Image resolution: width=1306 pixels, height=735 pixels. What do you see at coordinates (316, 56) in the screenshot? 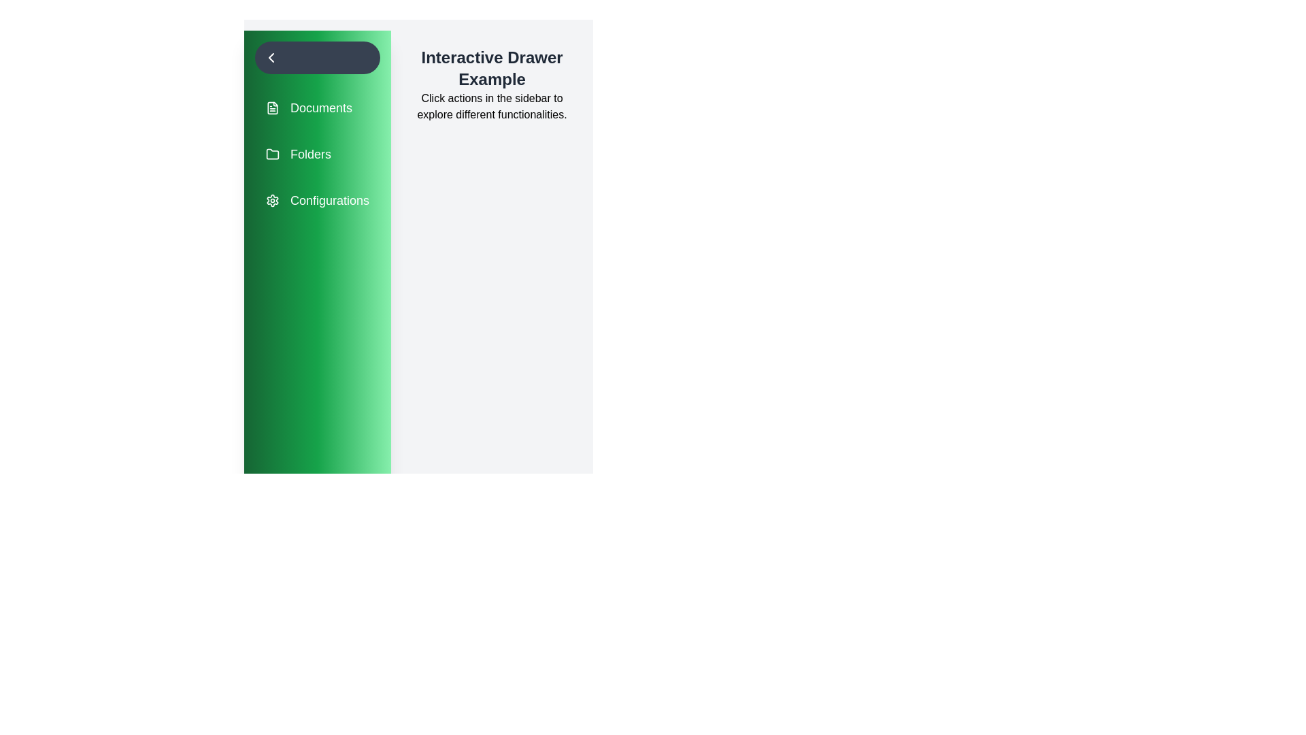
I see `toggle button to change the state of the drawer` at bounding box center [316, 56].